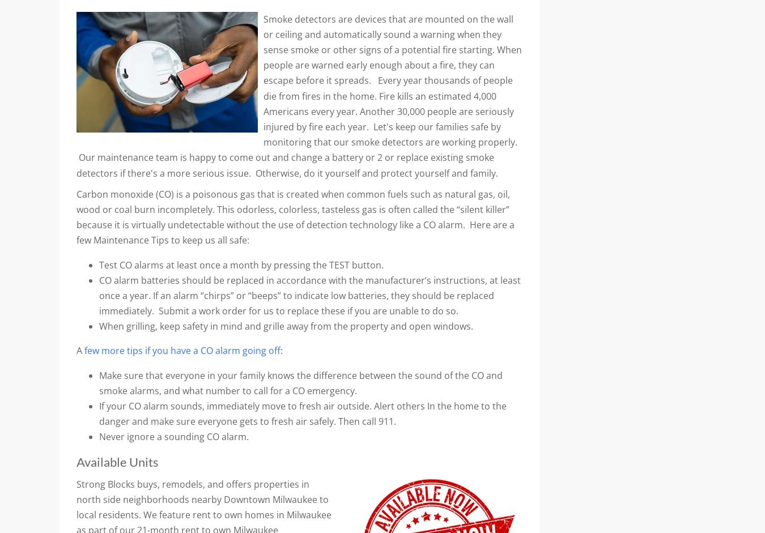  Describe the element at coordinates (175, 436) in the screenshot. I see `'Never ignore a sounding CO alarm.'` at that location.